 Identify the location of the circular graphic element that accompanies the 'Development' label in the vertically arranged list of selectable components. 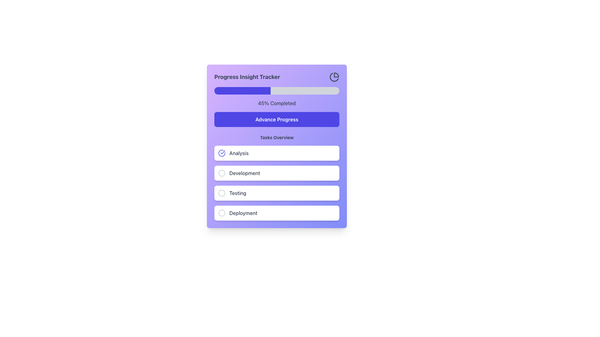
(222, 173).